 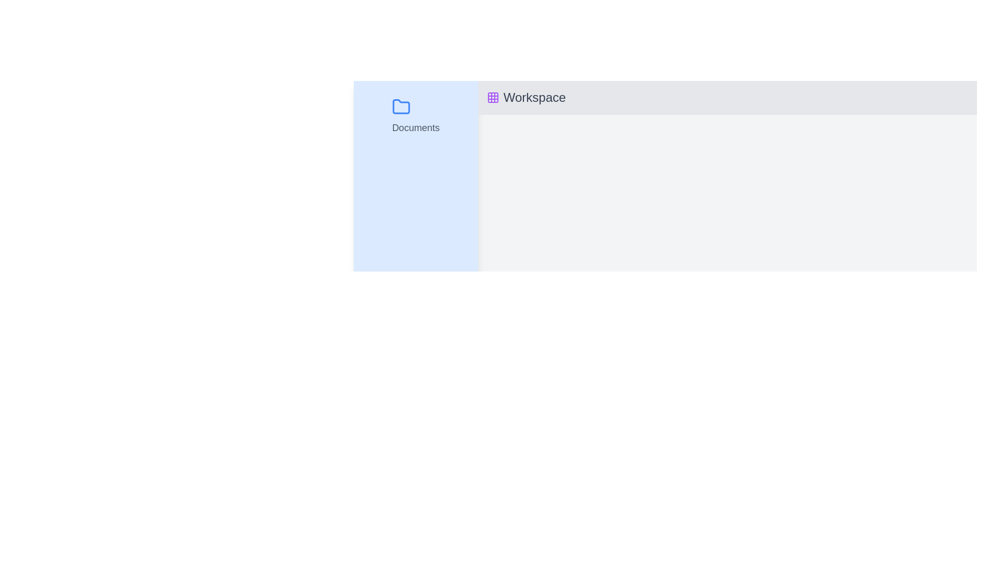 I want to click on the 'Workspace' title label located in the top central area of the interface, immediately to the right of the grid icon styled in purple, so click(x=534, y=97).